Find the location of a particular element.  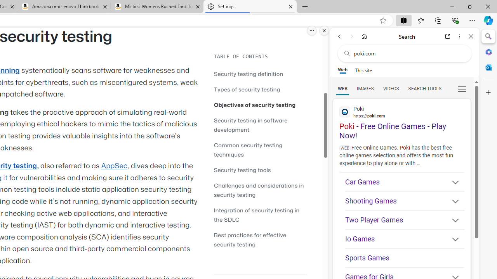

'Class: b_serphb' is located at coordinates (462, 89).